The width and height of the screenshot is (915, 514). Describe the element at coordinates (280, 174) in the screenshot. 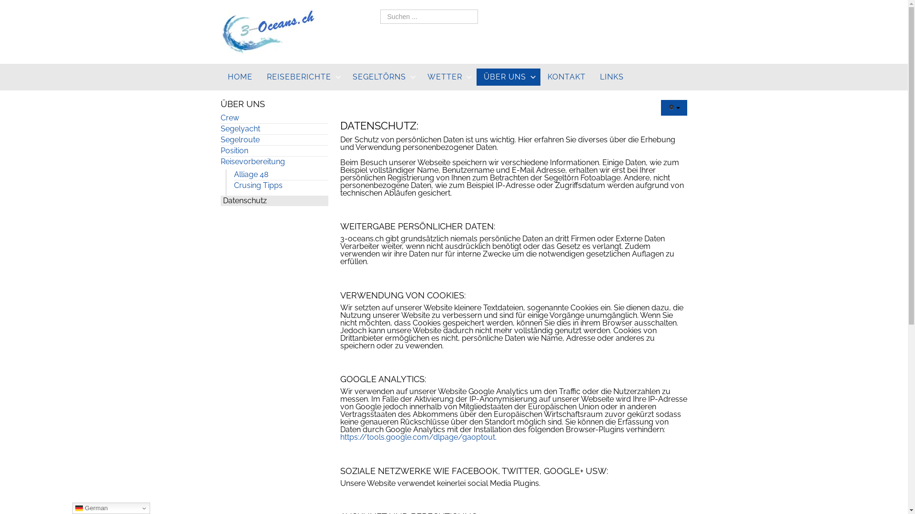

I see `'Alliage 48'` at that location.